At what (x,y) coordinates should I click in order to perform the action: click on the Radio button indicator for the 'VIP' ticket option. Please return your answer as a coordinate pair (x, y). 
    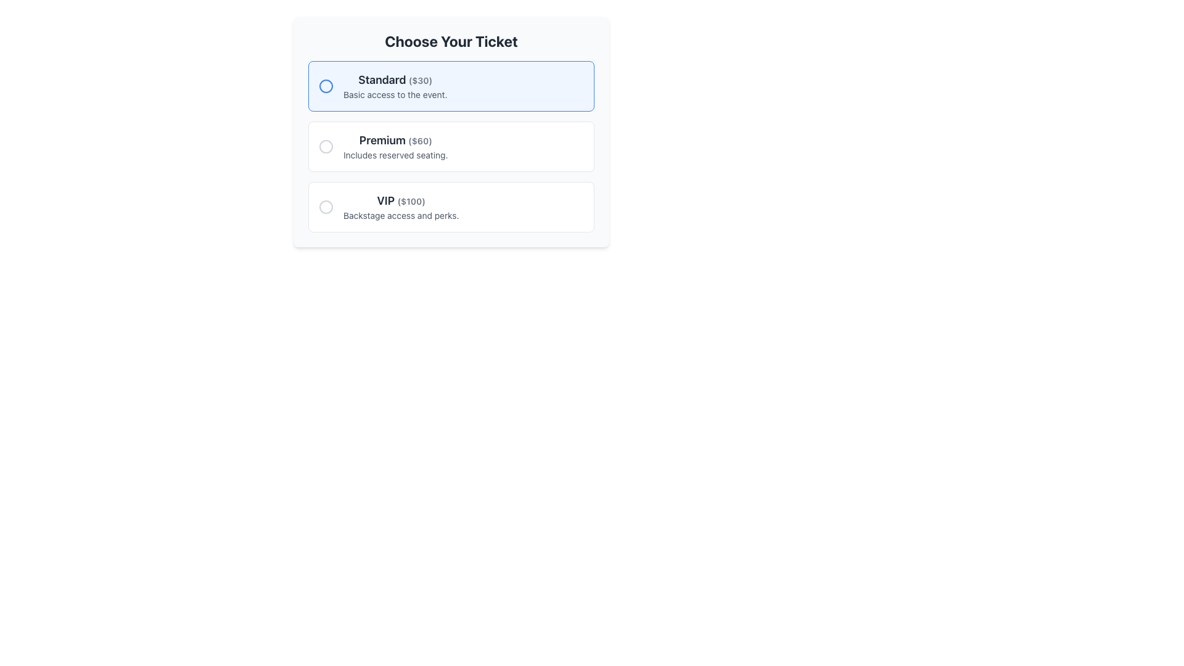
    Looking at the image, I should click on (326, 206).